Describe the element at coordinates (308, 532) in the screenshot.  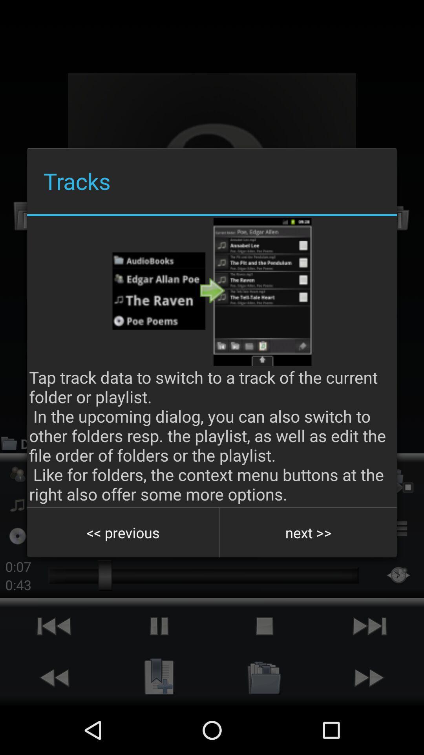
I see `the item to the right of the << previous icon` at that location.